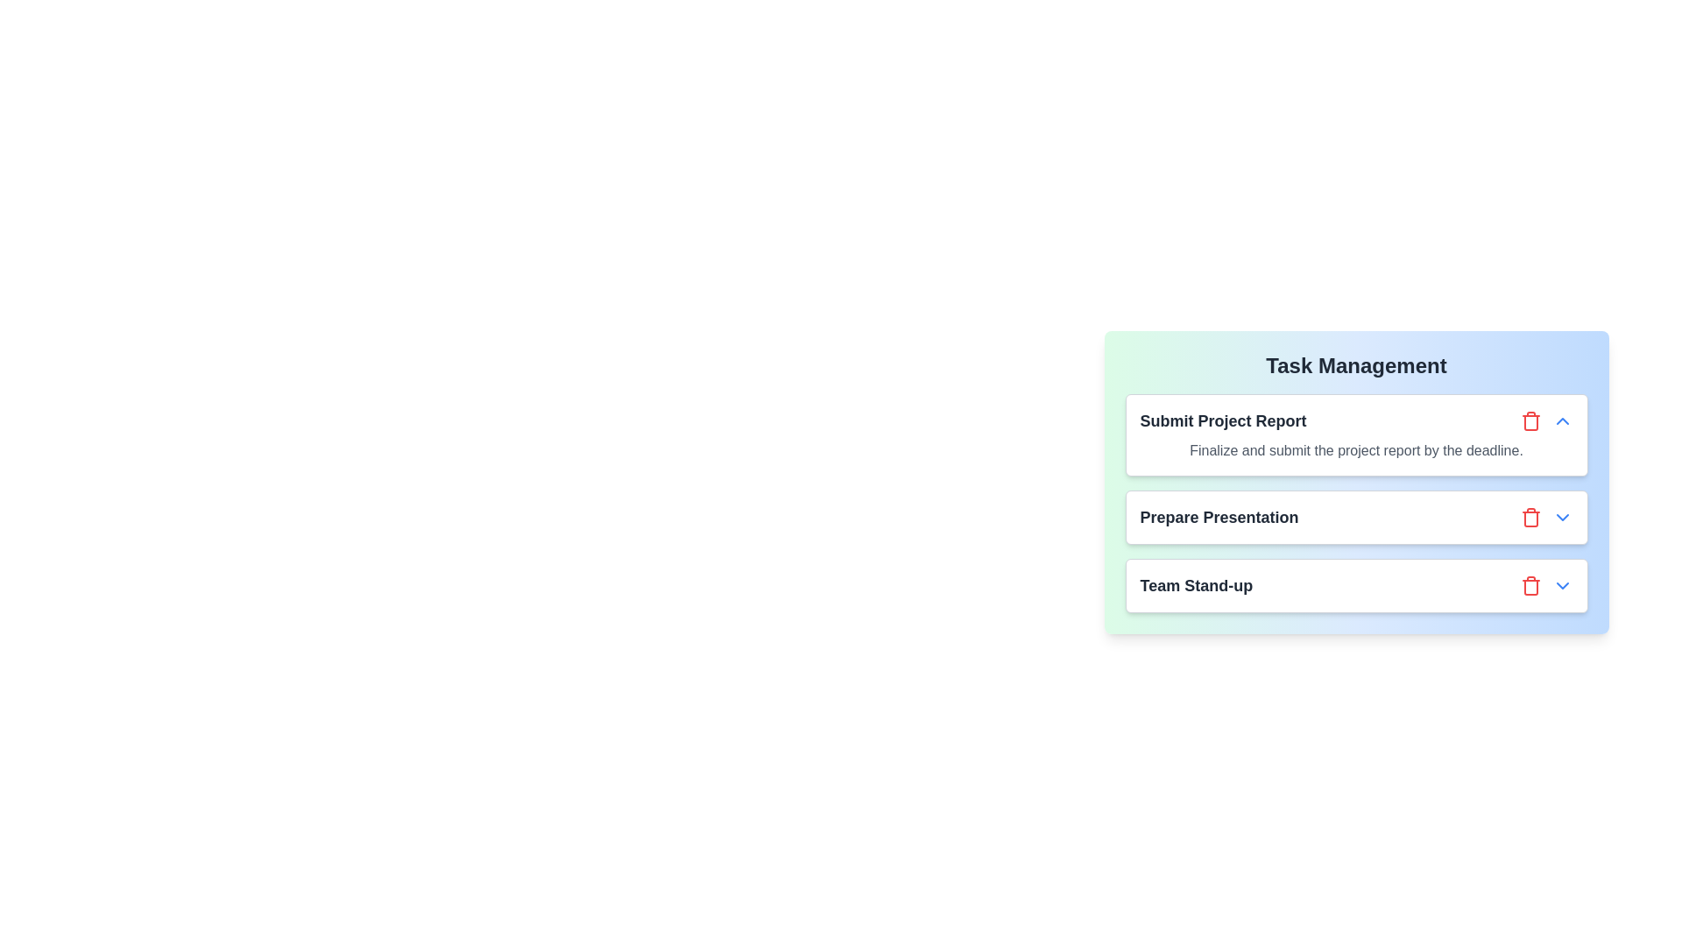  What do you see at coordinates (1219, 516) in the screenshot?
I see `the 'Prepare Presentation' text label, which is styled in bold and dark color, located in the second row of the 'Task Management' list` at bounding box center [1219, 516].